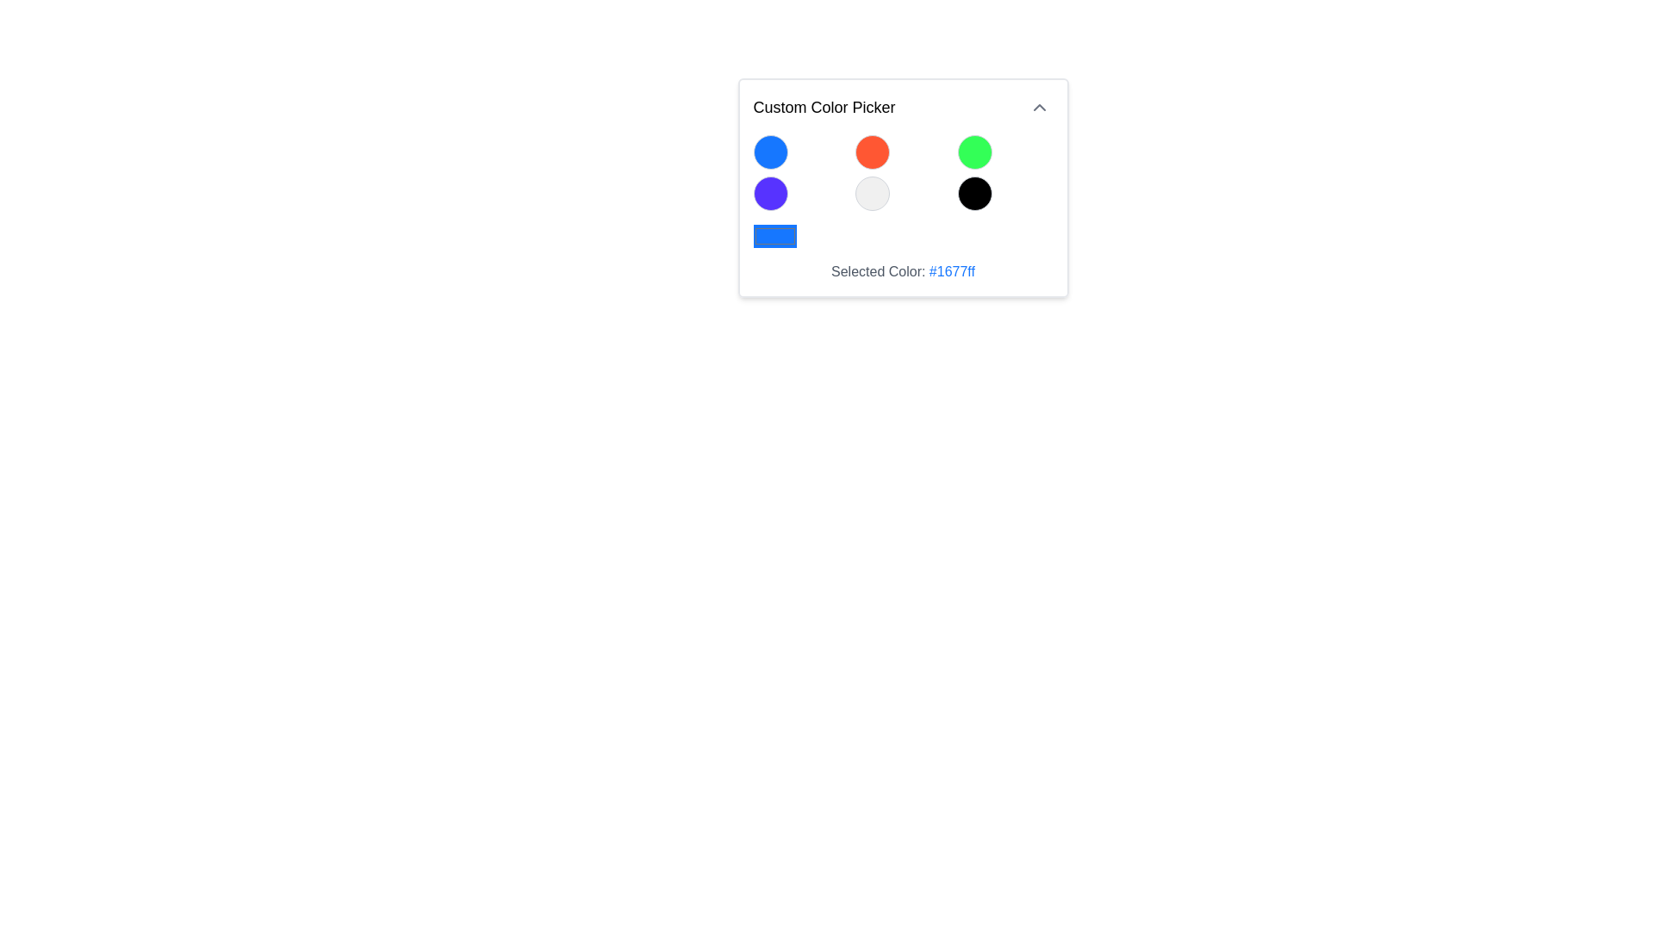 The height and width of the screenshot is (930, 1654). Describe the element at coordinates (774, 236) in the screenshot. I see `the color picker input element with a blue background (#1677ff)` at that location.